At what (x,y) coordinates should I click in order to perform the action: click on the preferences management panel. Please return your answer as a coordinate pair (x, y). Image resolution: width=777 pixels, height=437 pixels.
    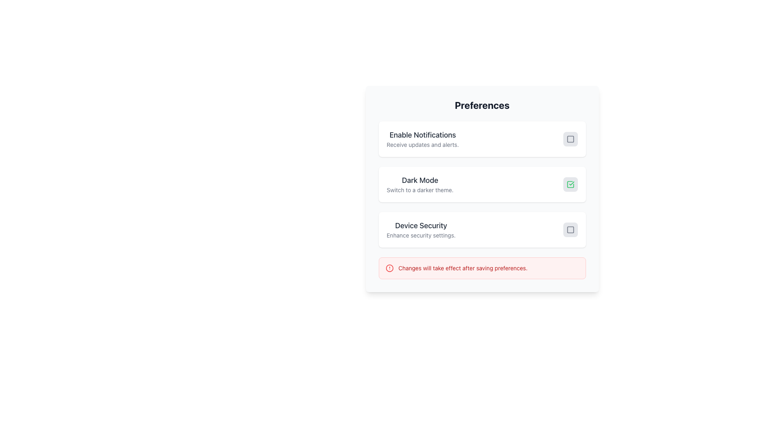
    Looking at the image, I should click on (482, 189).